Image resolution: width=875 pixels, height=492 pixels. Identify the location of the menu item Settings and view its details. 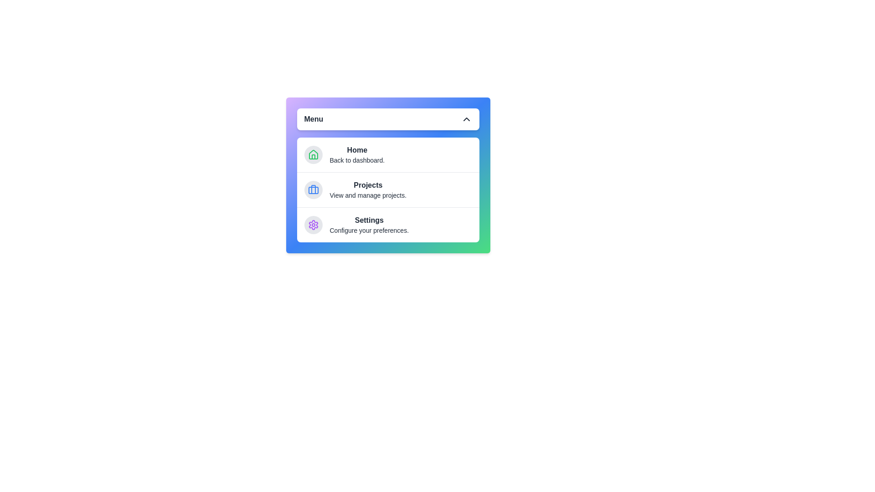
(388, 225).